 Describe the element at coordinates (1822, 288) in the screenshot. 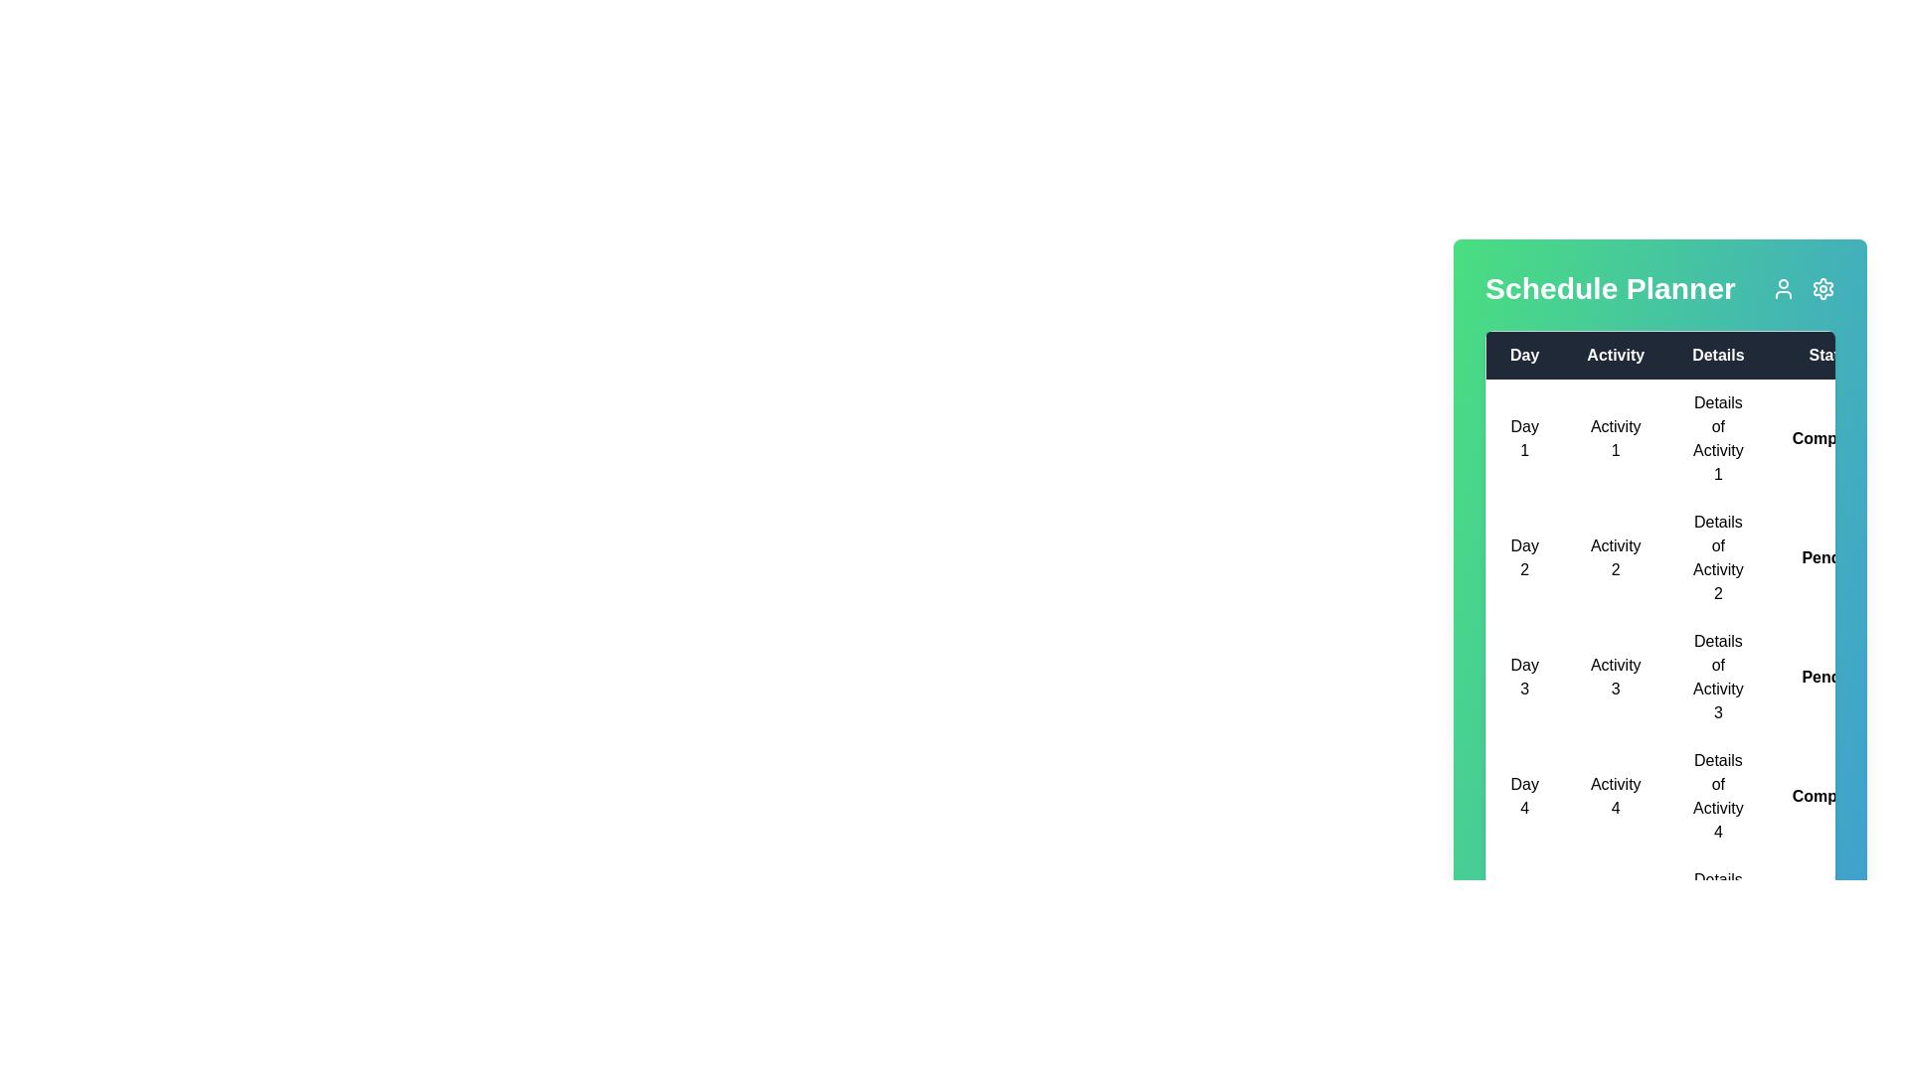

I see `the settings icon to open the configuration options` at that location.